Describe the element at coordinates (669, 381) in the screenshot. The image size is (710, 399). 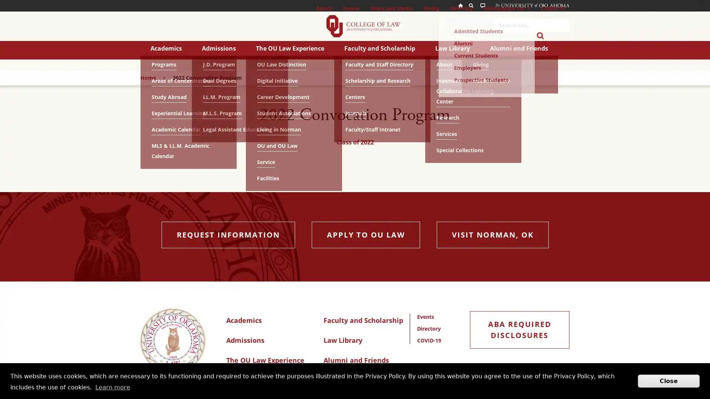
I see `Close` at that location.